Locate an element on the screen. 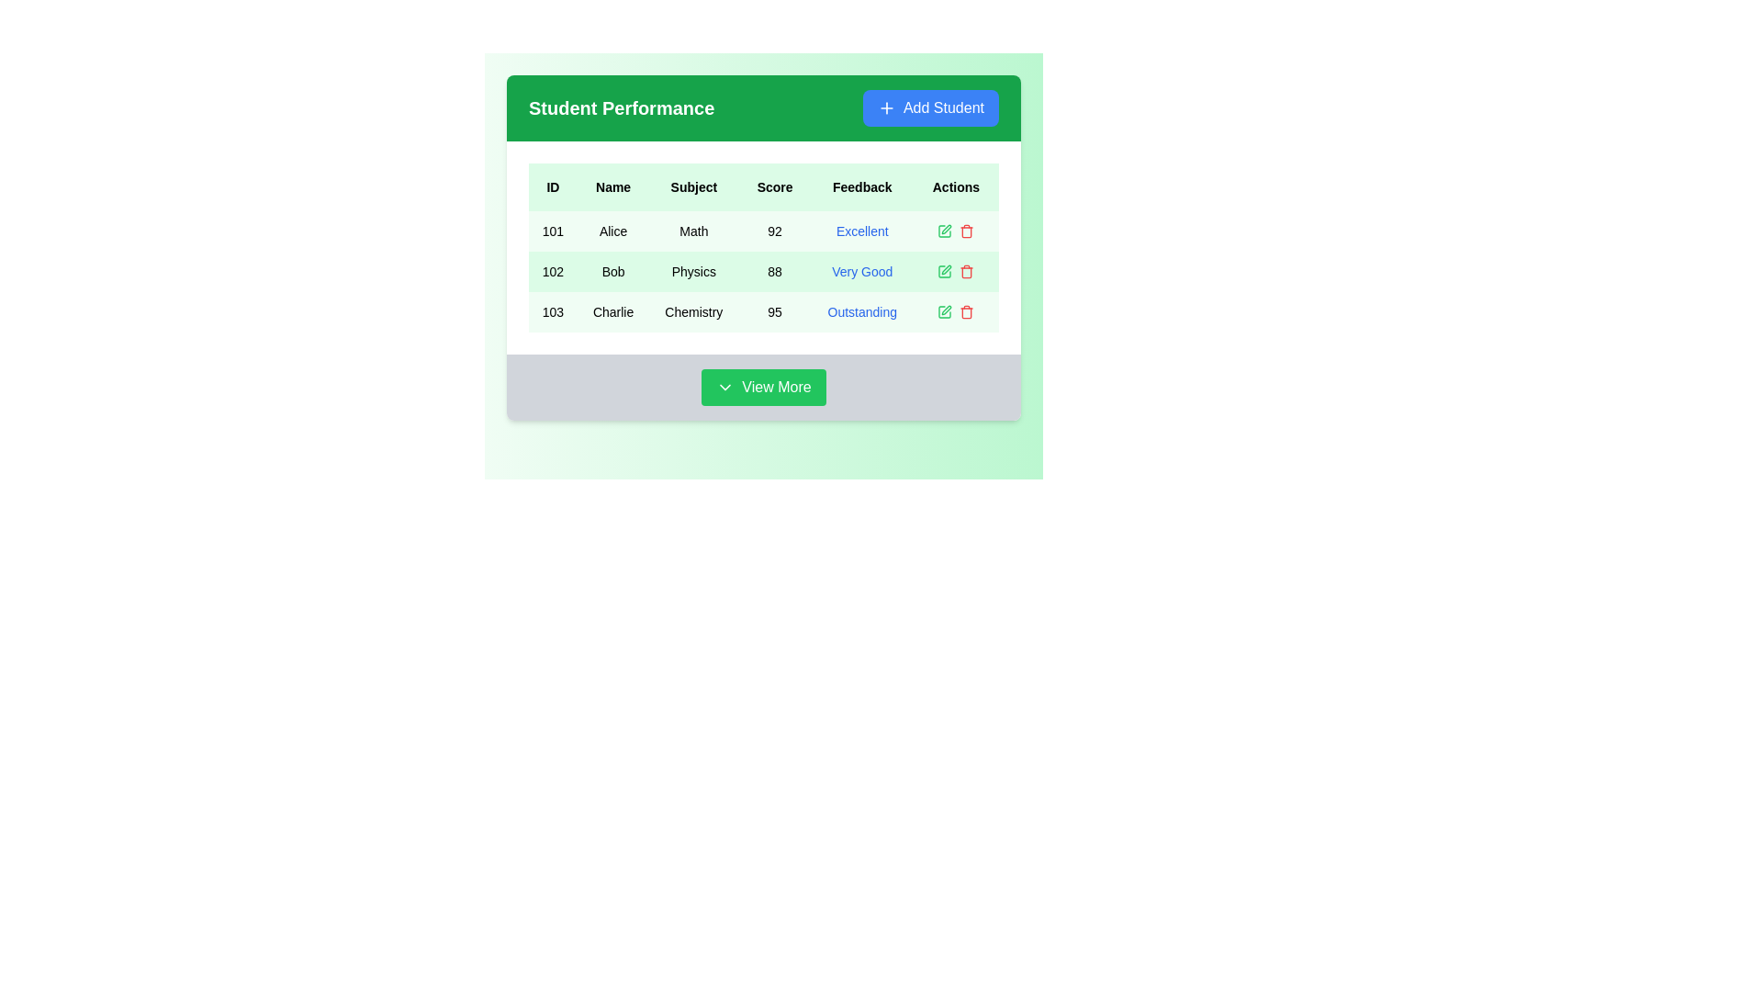 The image size is (1763, 992). the static text content displaying the name 'Bob' in the second row of the table under the 'Name' column, adjacent to the '102' ID is located at coordinates (613, 272).